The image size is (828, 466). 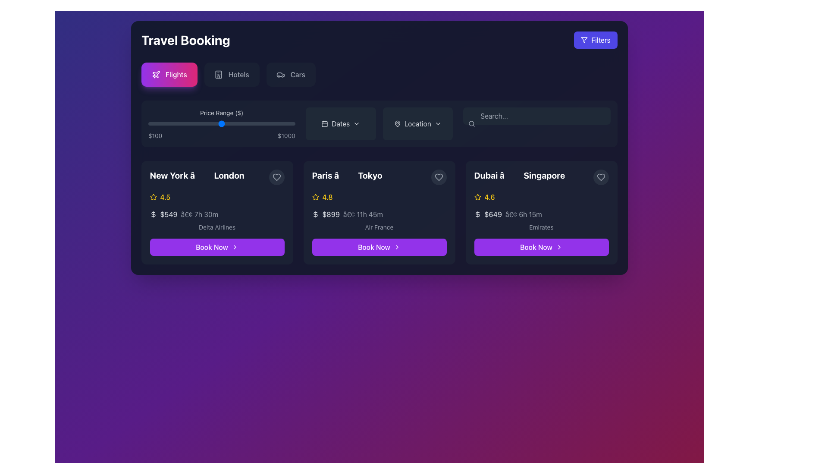 What do you see at coordinates (600, 177) in the screenshot?
I see `the heart icon button at the top-right corner of the flight card from 'Dubai → Singapore' to mark it as favorite` at bounding box center [600, 177].